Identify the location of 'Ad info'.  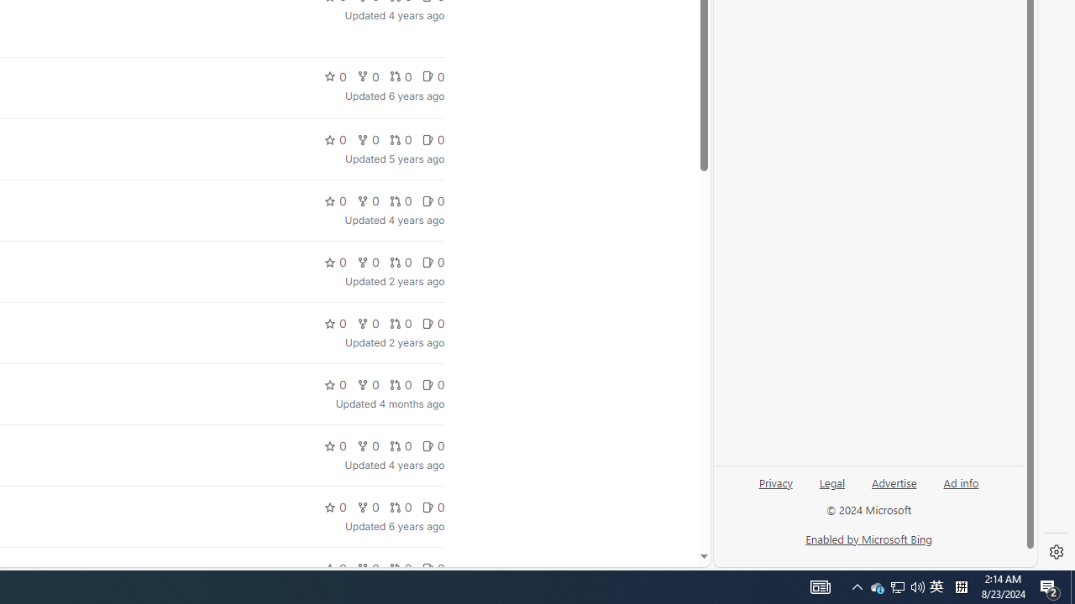
(961, 482).